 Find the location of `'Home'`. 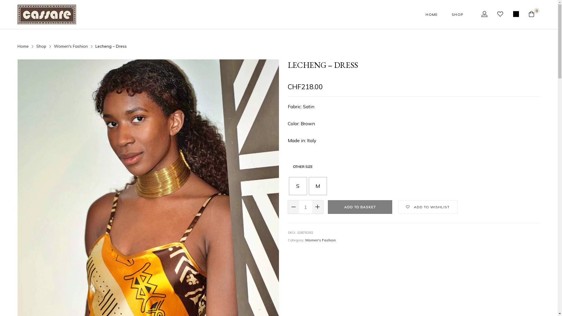

'Home' is located at coordinates (17, 46).